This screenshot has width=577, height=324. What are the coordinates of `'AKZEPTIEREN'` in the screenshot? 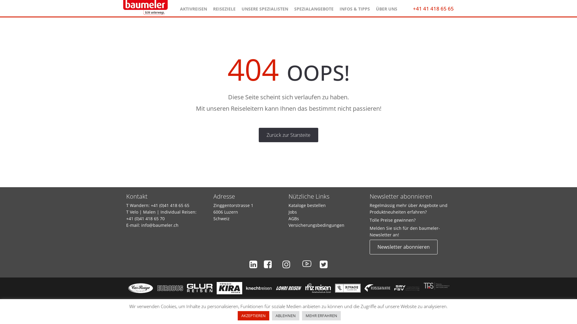 It's located at (253, 315).